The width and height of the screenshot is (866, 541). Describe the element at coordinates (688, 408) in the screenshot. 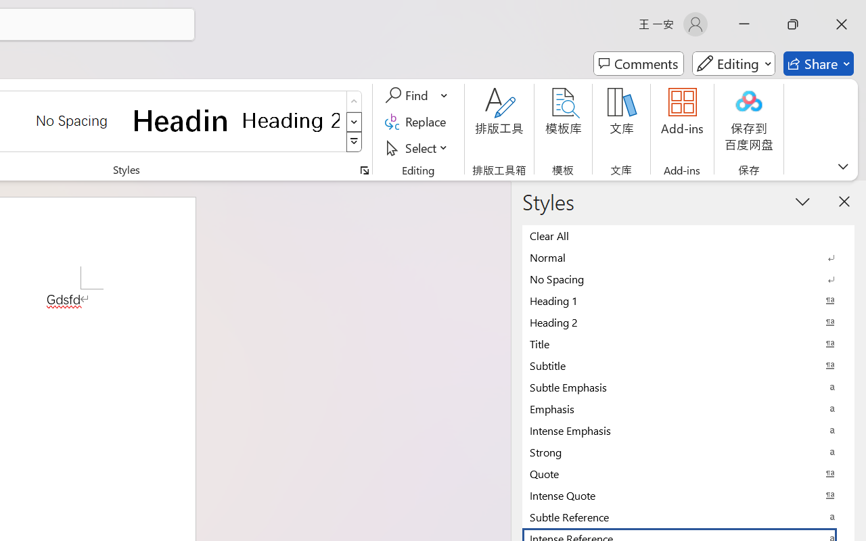

I see `'Emphasis'` at that location.